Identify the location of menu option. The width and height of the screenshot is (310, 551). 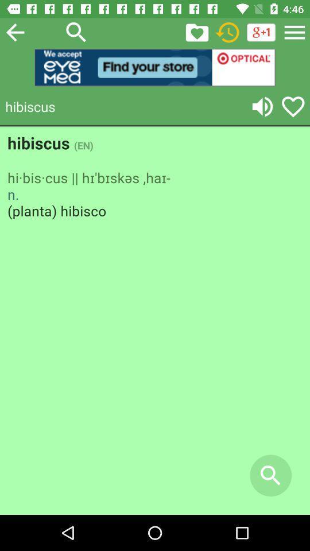
(294, 32).